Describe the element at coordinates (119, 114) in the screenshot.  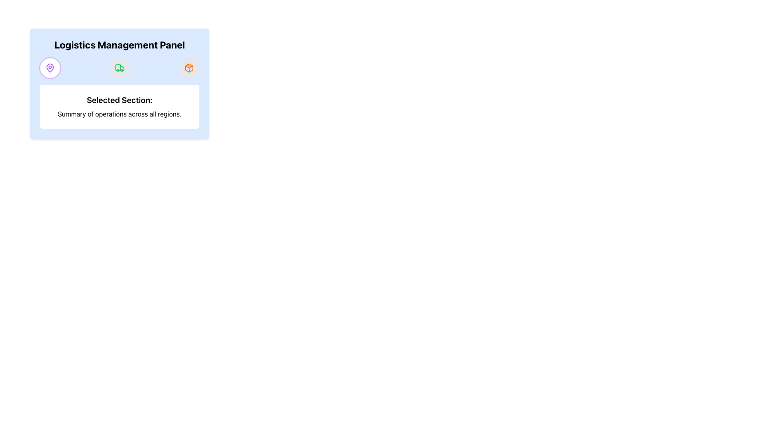
I see `the static text label that provides a descriptive summary about operations, located beneath the title 'Selected Section.'` at that location.